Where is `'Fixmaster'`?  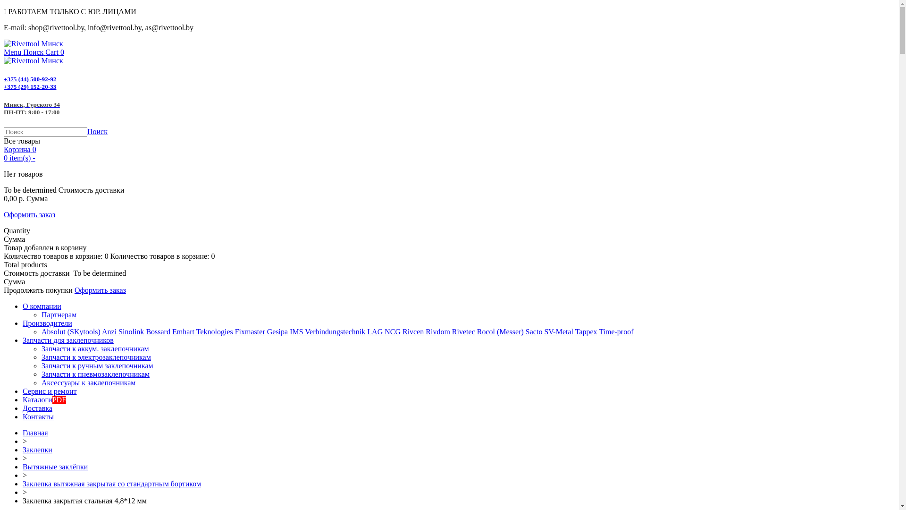 'Fixmaster' is located at coordinates (235, 331).